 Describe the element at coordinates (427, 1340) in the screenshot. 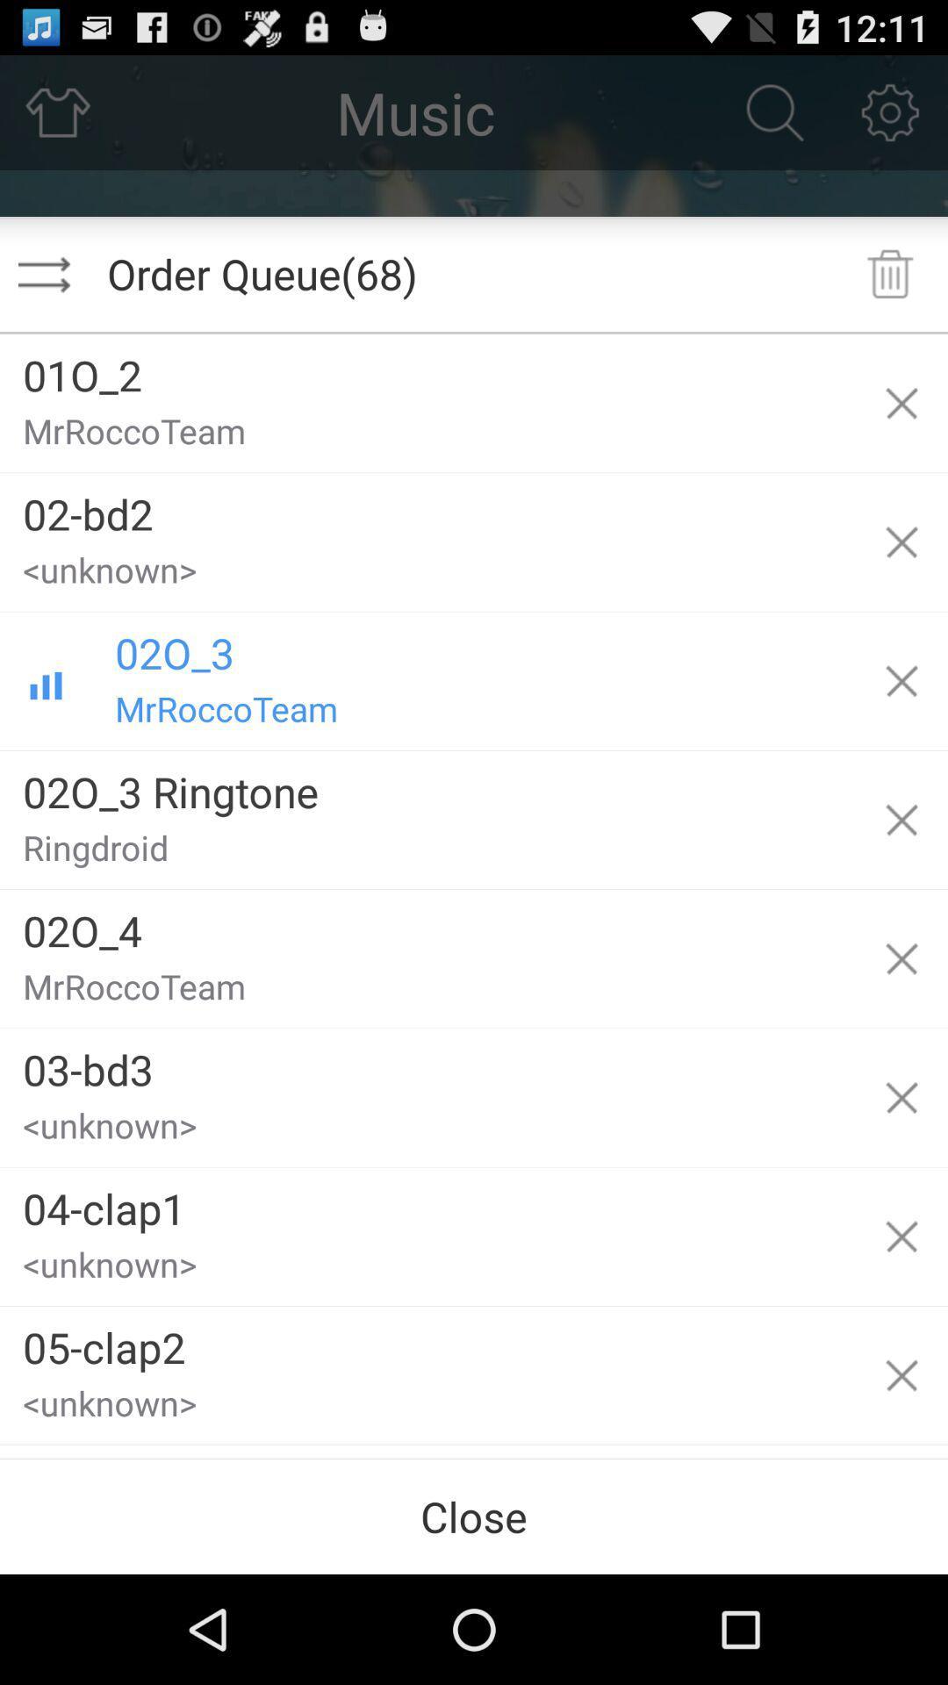

I see `the 05-clap2 icon` at that location.